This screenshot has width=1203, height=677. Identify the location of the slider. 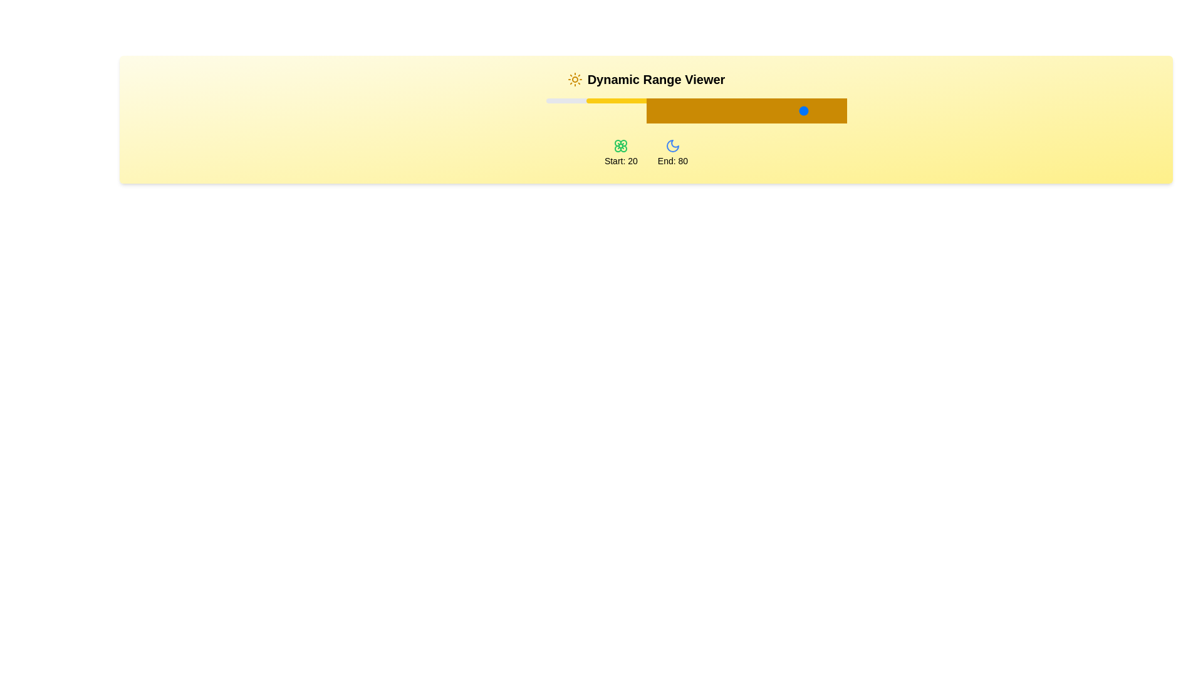
(638, 100).